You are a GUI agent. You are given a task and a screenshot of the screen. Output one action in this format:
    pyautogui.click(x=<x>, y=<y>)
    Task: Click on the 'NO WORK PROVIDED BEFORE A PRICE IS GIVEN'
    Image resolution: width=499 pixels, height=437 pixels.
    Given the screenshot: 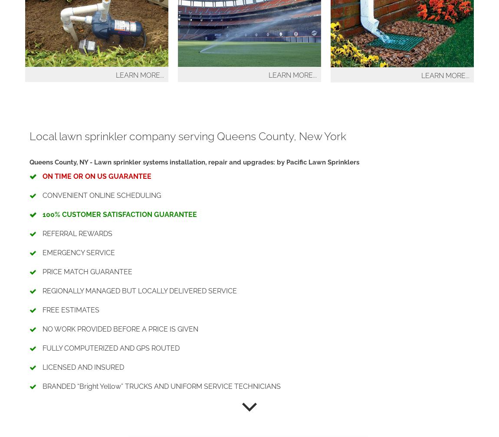 What is the action you would take?
    pyautogui.click(x=119, y=329)
    